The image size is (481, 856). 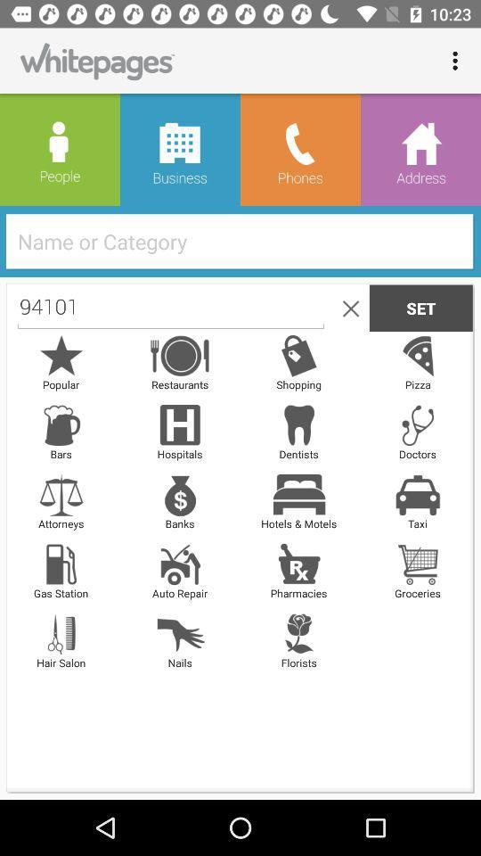 I want to click on 94101 icon, so click(x=171, y=308).